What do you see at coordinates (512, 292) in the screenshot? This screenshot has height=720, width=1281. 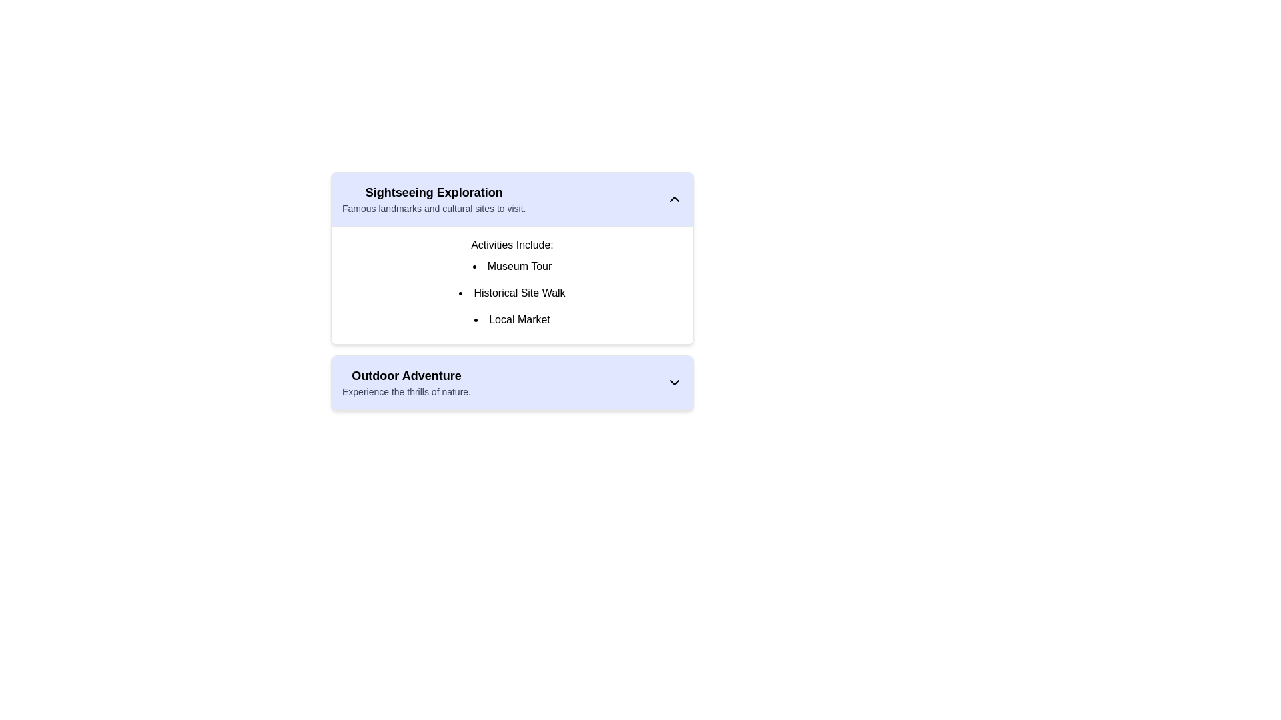 I see `the text label reading 'Historical Site Walk', which is the second item in the vertical bulleted list under 'Activities Include:'` at bounding box center [512, 292].